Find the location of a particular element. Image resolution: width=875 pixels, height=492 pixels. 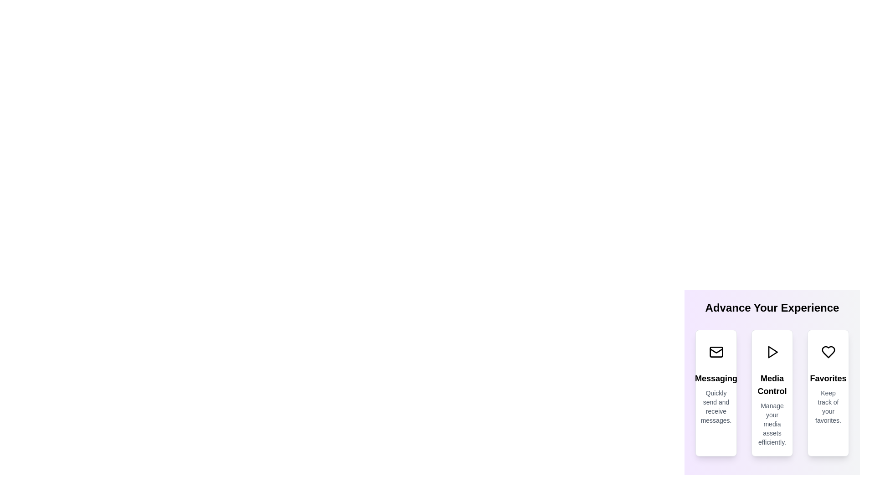

the heart-shaped icon within the 'Favorites' card, which is the rightmost card in a set of three, located below the title text 'Favorites' is located at coordinates (828, 351).